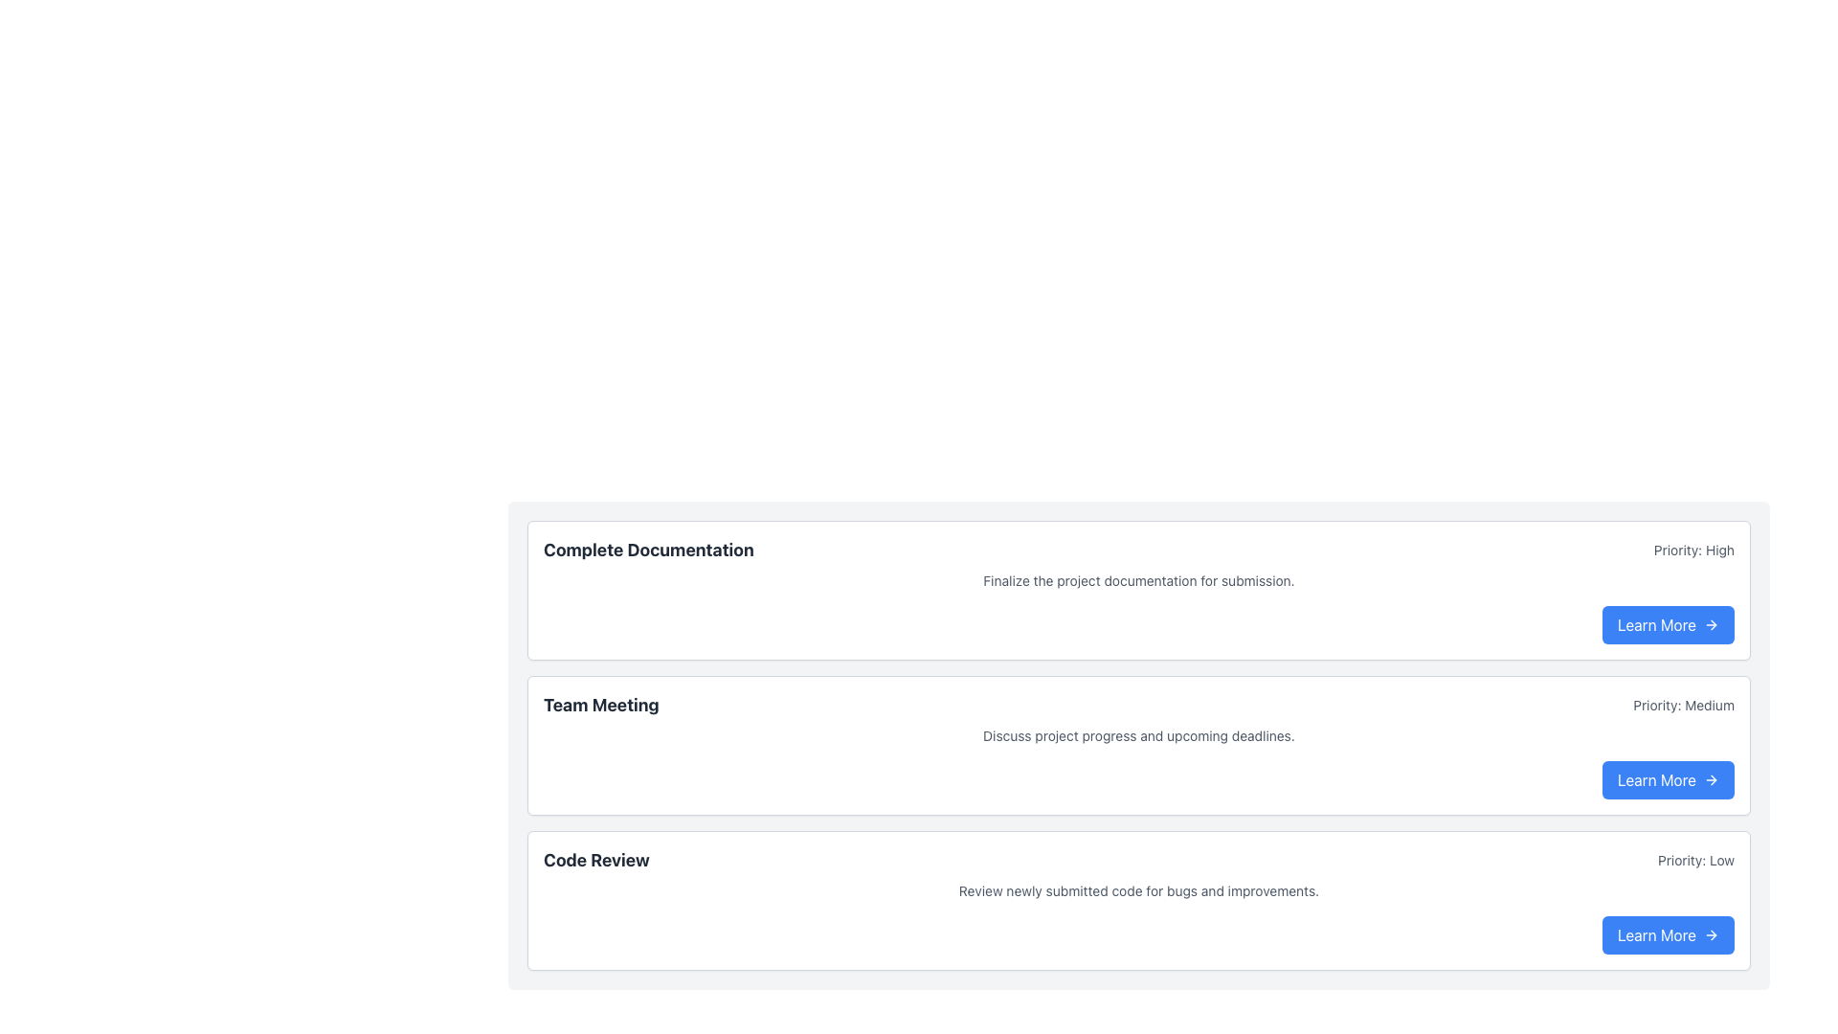 This screenshot has width=1838, height=1034. I want to click on the rightward-pointing arrow icon located on the far right side of the 'Learn More' button, so click(1712, 624).